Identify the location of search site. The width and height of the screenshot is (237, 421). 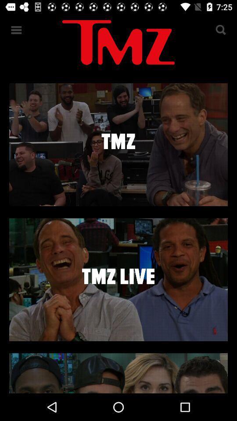
(220, 30).